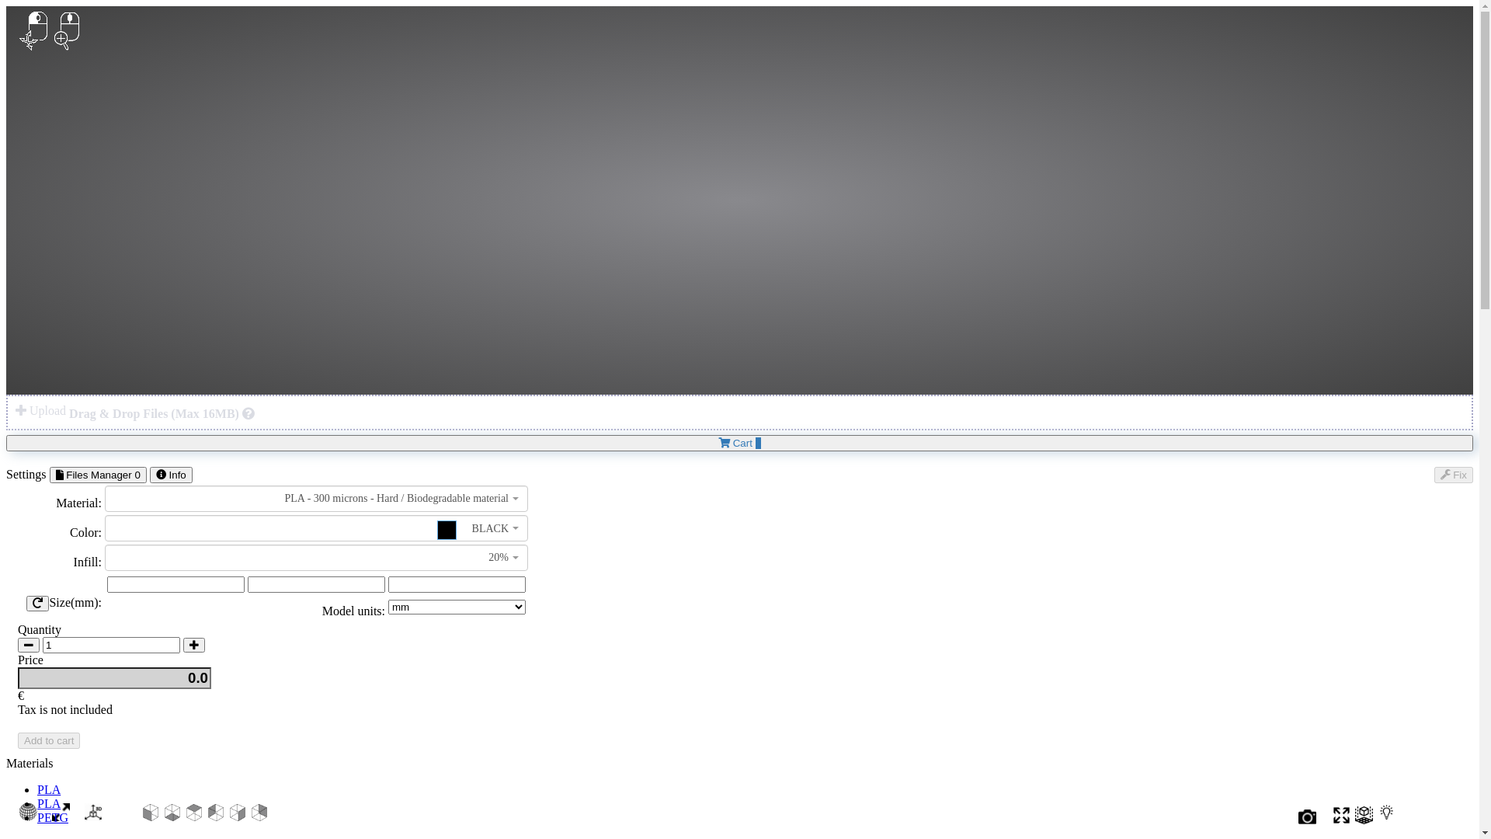  Describe the element at coordinates (48, 789) in the screenshot. I see `'PLA'` at that location.